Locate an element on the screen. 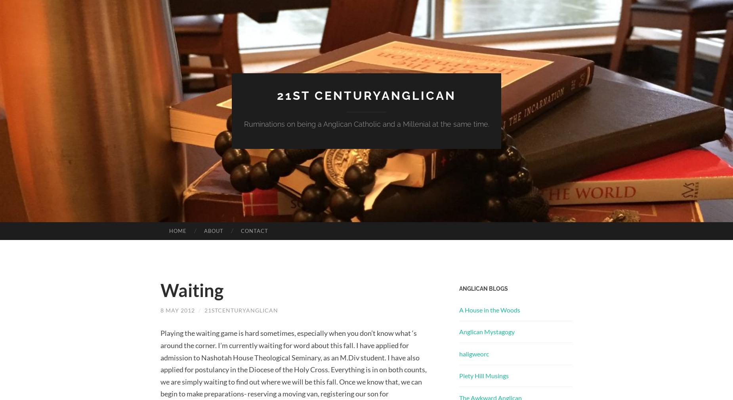  'Waiting' is located at coordinates (192, 290).